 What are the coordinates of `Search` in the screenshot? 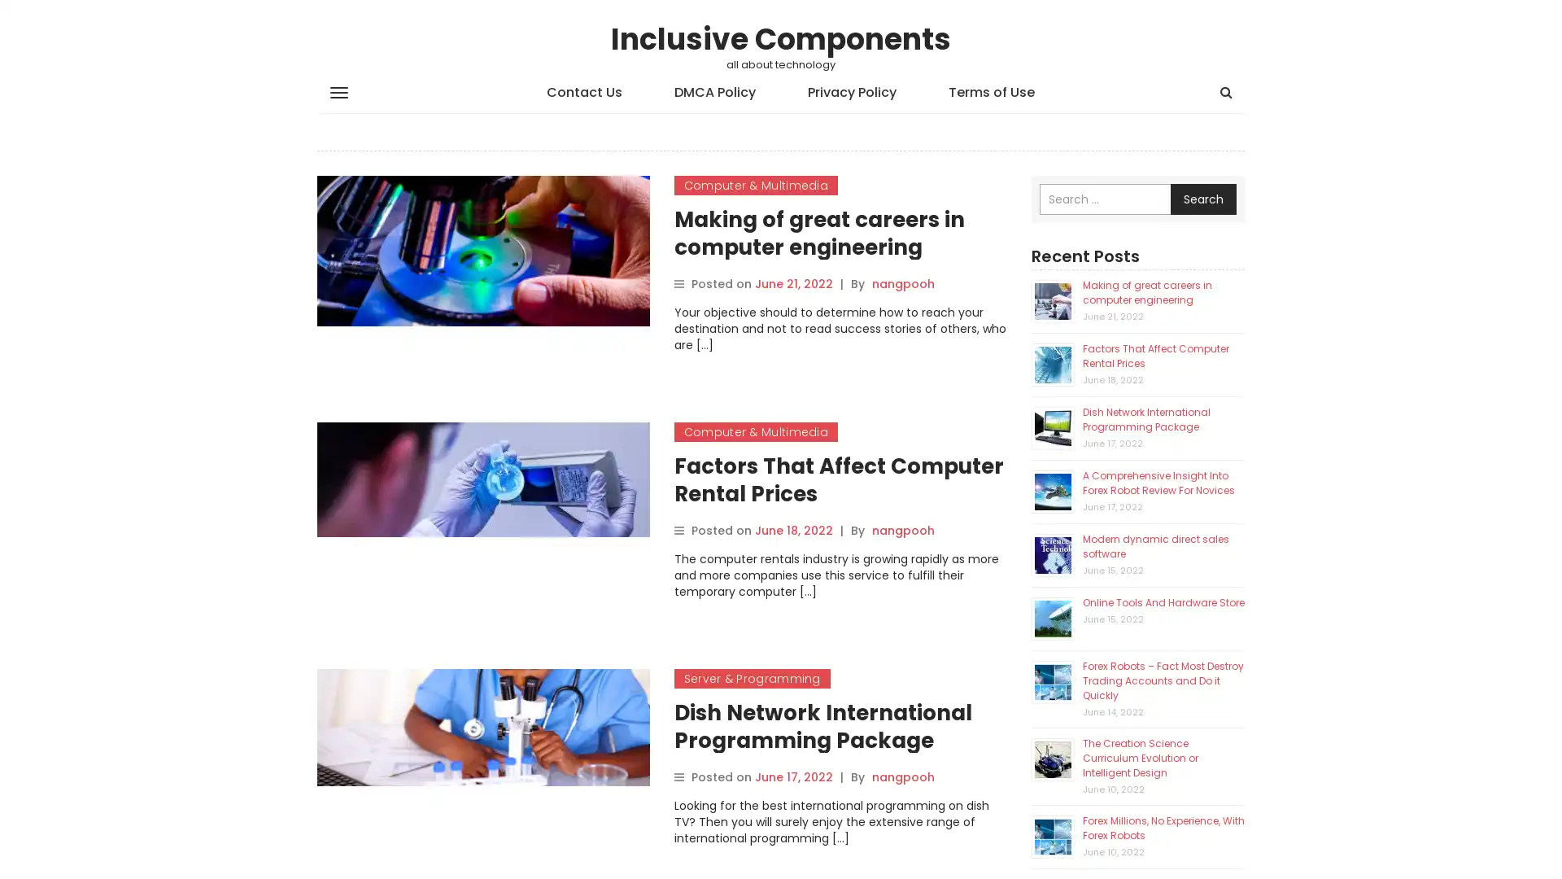 It's located at (1203, 199).